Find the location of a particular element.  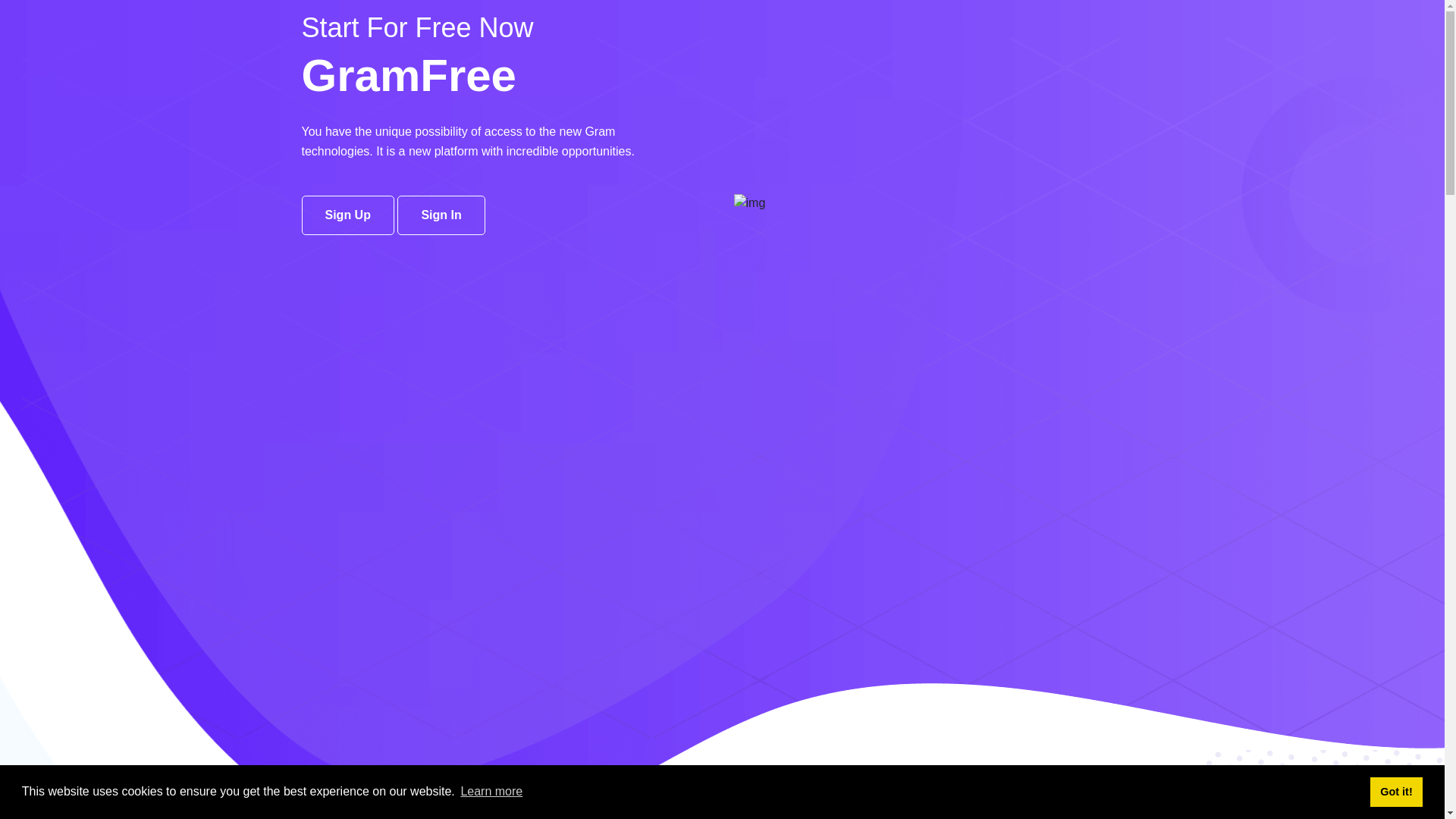

'Sign Up' is located at coordinates (347, 215).